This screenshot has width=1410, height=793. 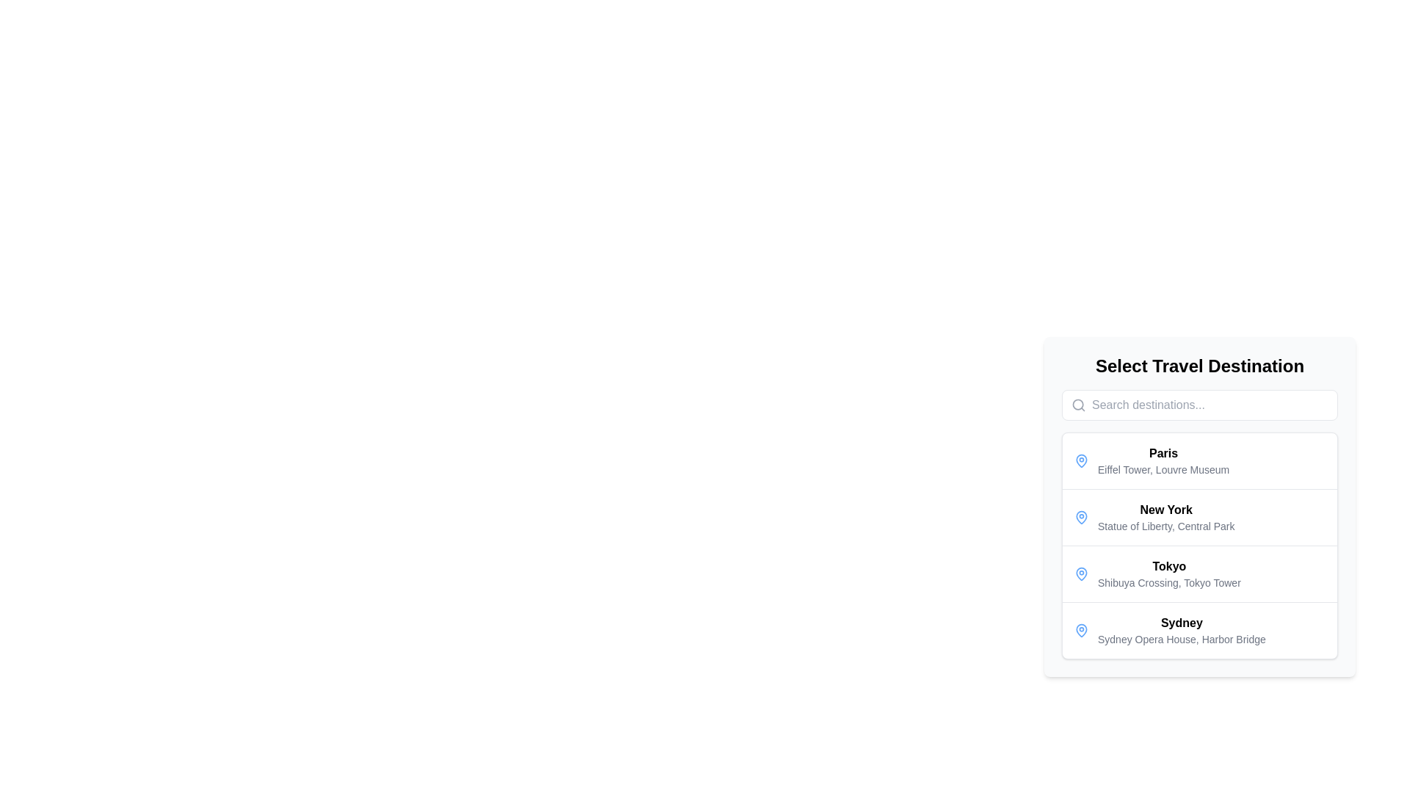 I want to click on the location pin icon next to the 'Tokyo' entry in the list of destinations, so click(x=1082, y=572).